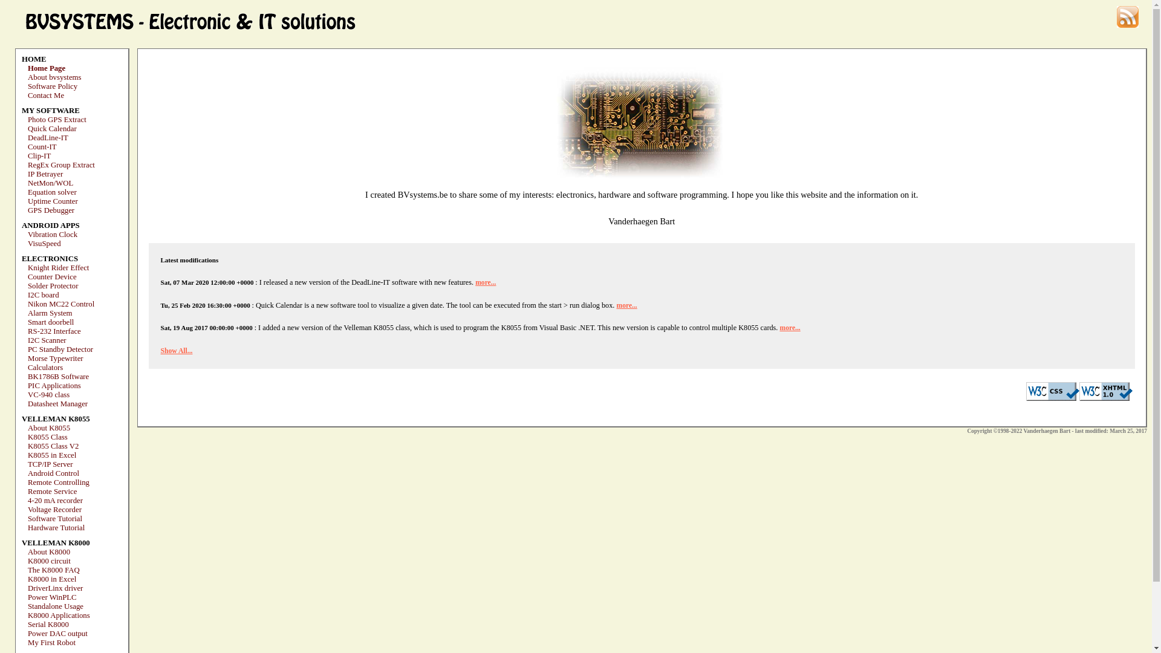  Describe the element at coordinates (54, 385) in the screenshot. I see `'PIC Applications'` at that location.